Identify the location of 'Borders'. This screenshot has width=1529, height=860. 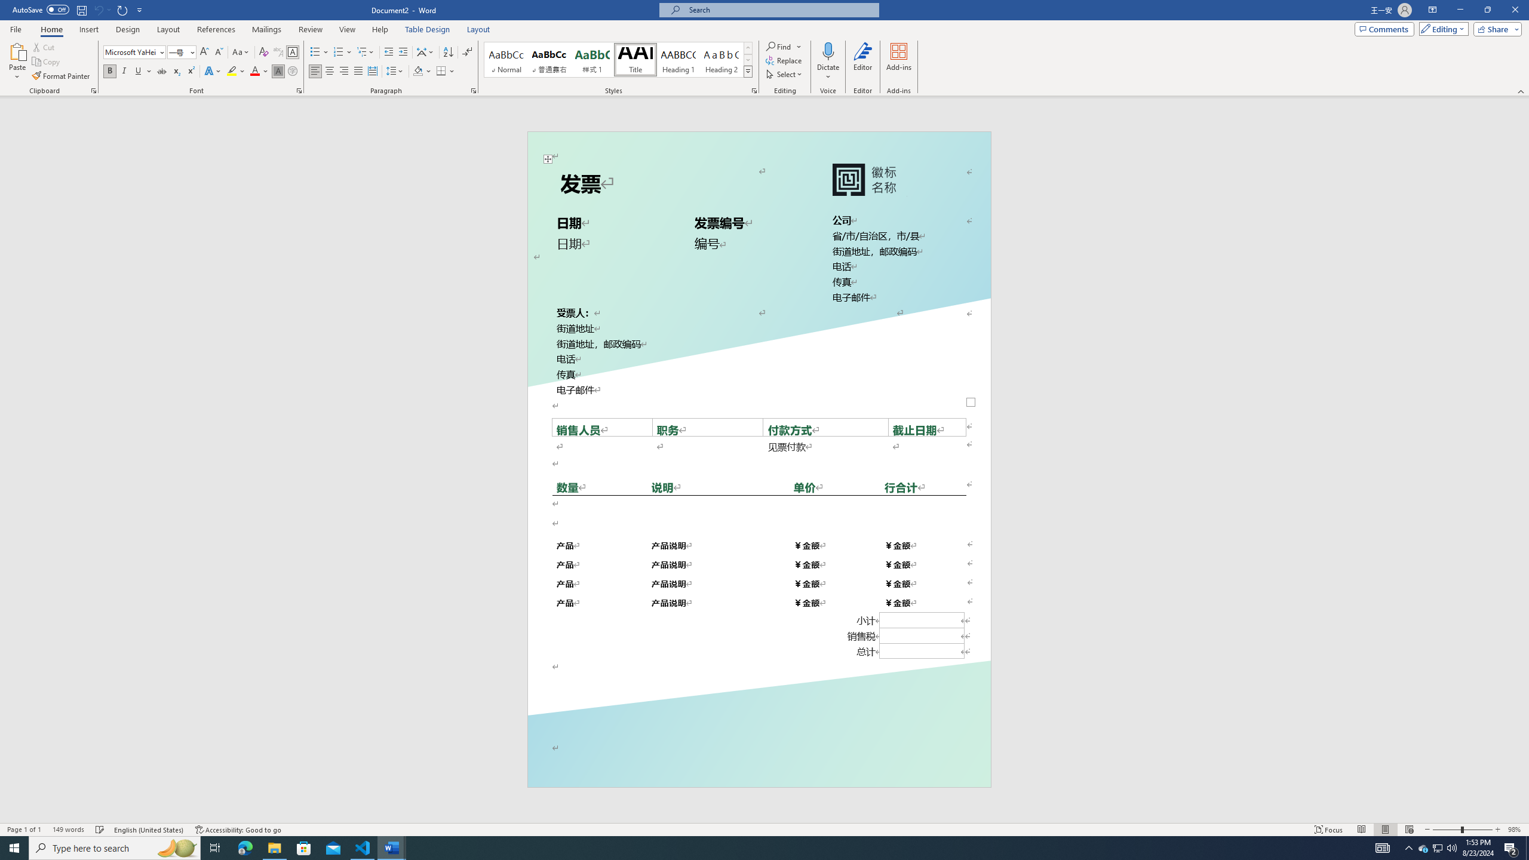
(440, 70).